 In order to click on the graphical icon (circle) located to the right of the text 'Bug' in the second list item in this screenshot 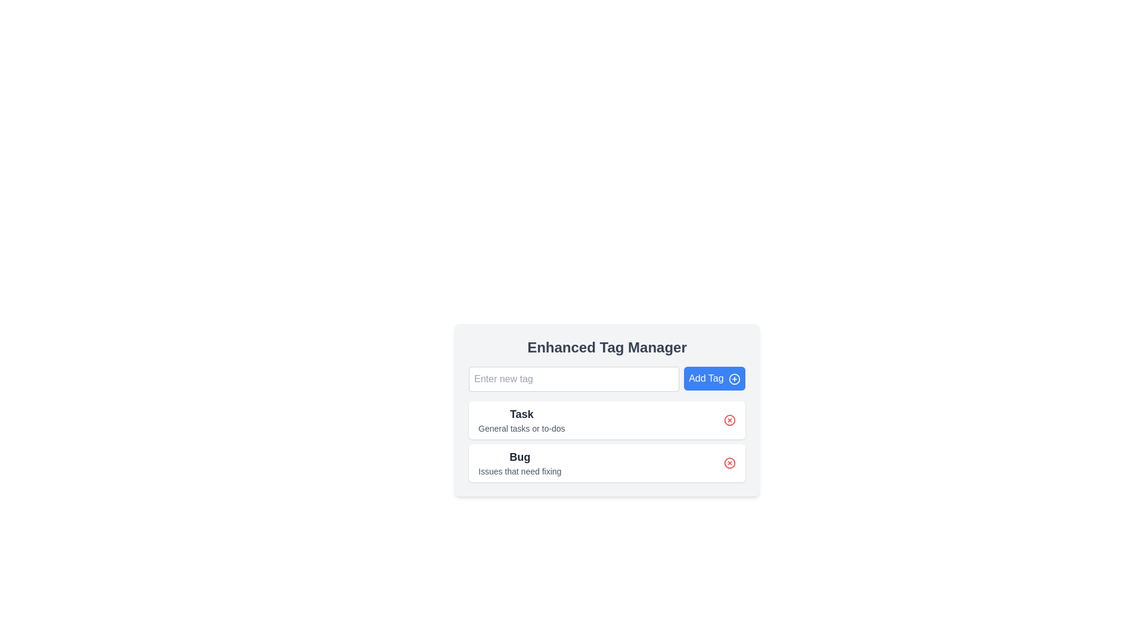, I will do `click(729, 419)`.